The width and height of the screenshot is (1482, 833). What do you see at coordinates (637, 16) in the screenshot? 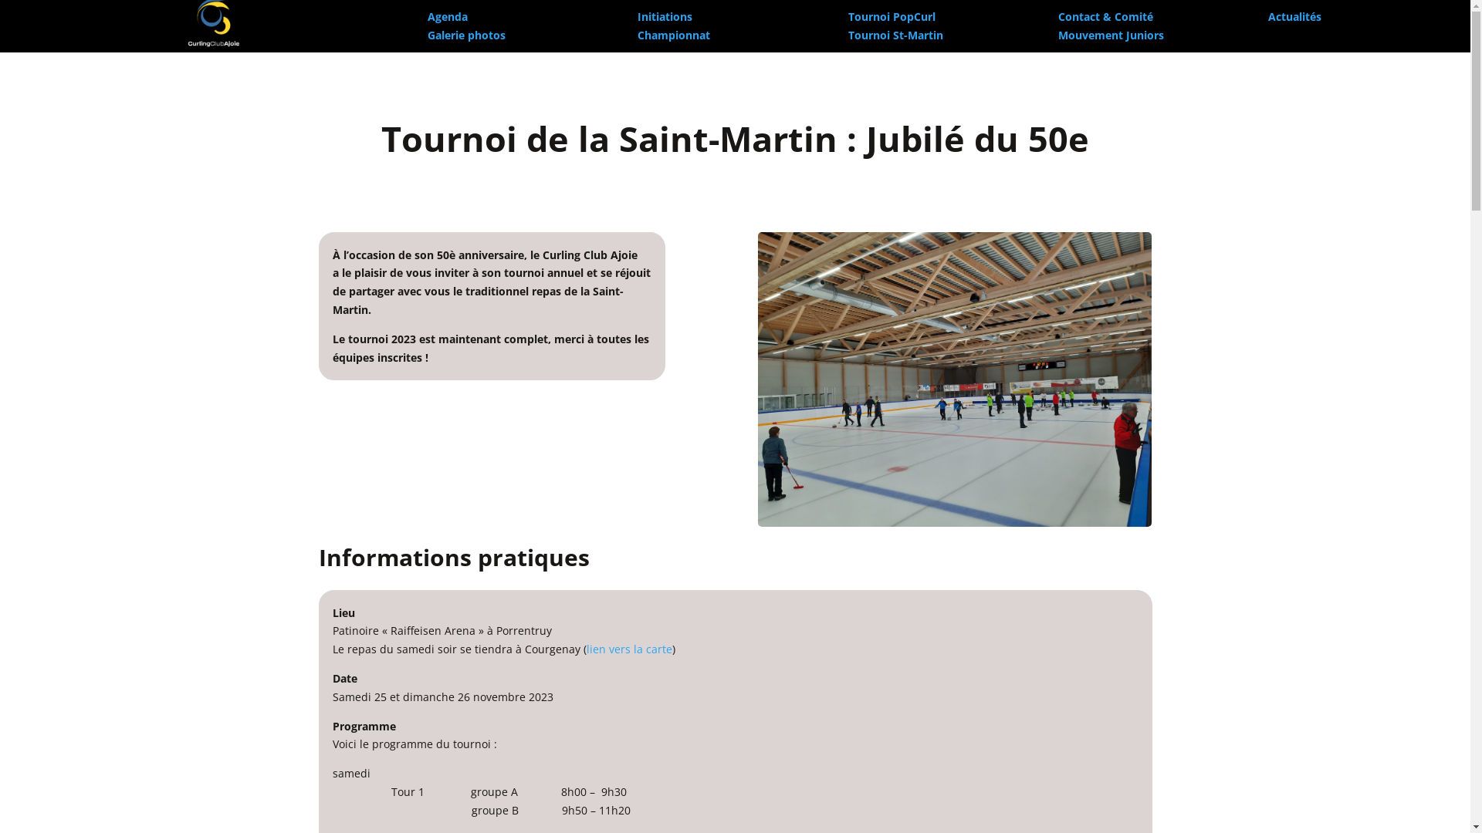
I see `'Initiations'` at bounding box center [637, 16].